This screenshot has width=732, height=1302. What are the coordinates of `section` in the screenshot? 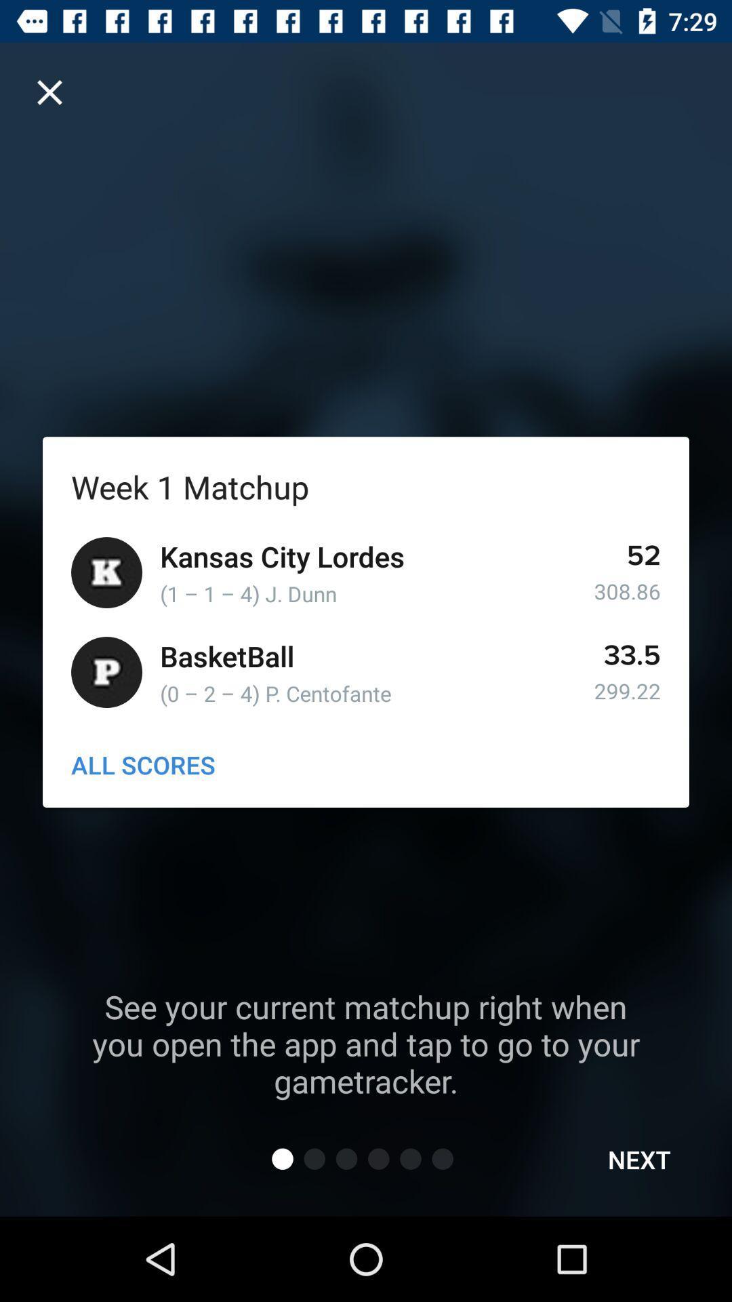 It's located at (49, 92).